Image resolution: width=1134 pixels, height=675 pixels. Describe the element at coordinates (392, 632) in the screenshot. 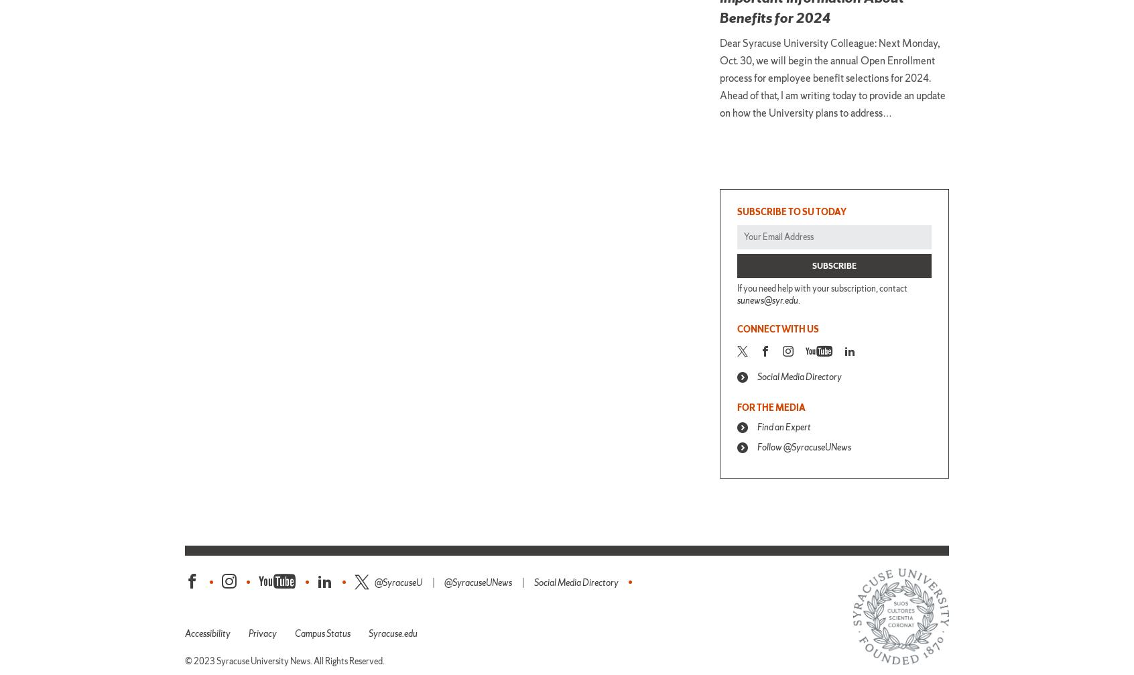

I see `'Syracuse.edu'` at that location.